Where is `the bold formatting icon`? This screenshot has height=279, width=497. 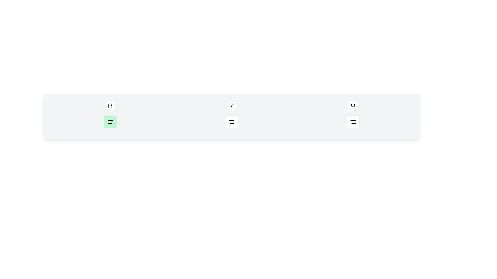 the bold formatting icon is located at coordinates (110, 105).